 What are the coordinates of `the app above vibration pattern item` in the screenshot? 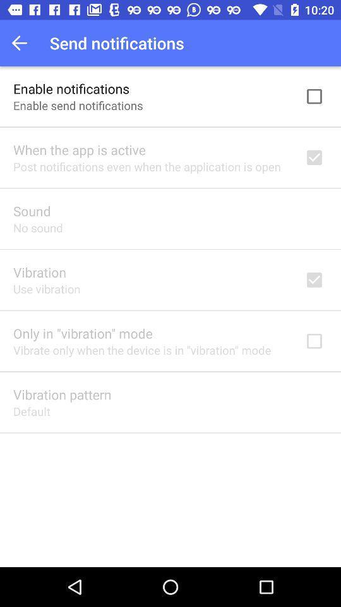 It's located at (141, 350).